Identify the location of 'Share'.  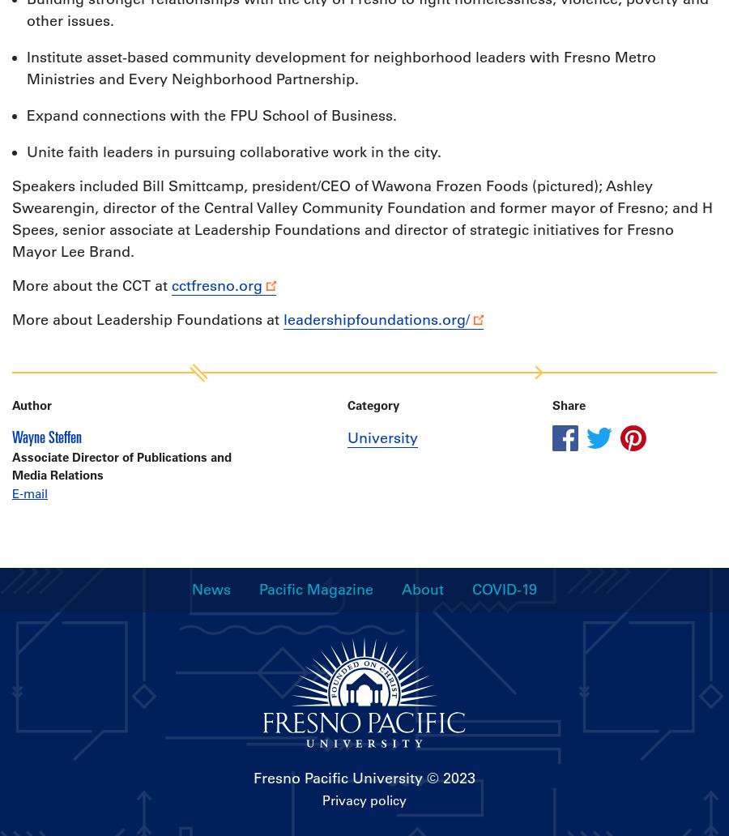
(568, 404).